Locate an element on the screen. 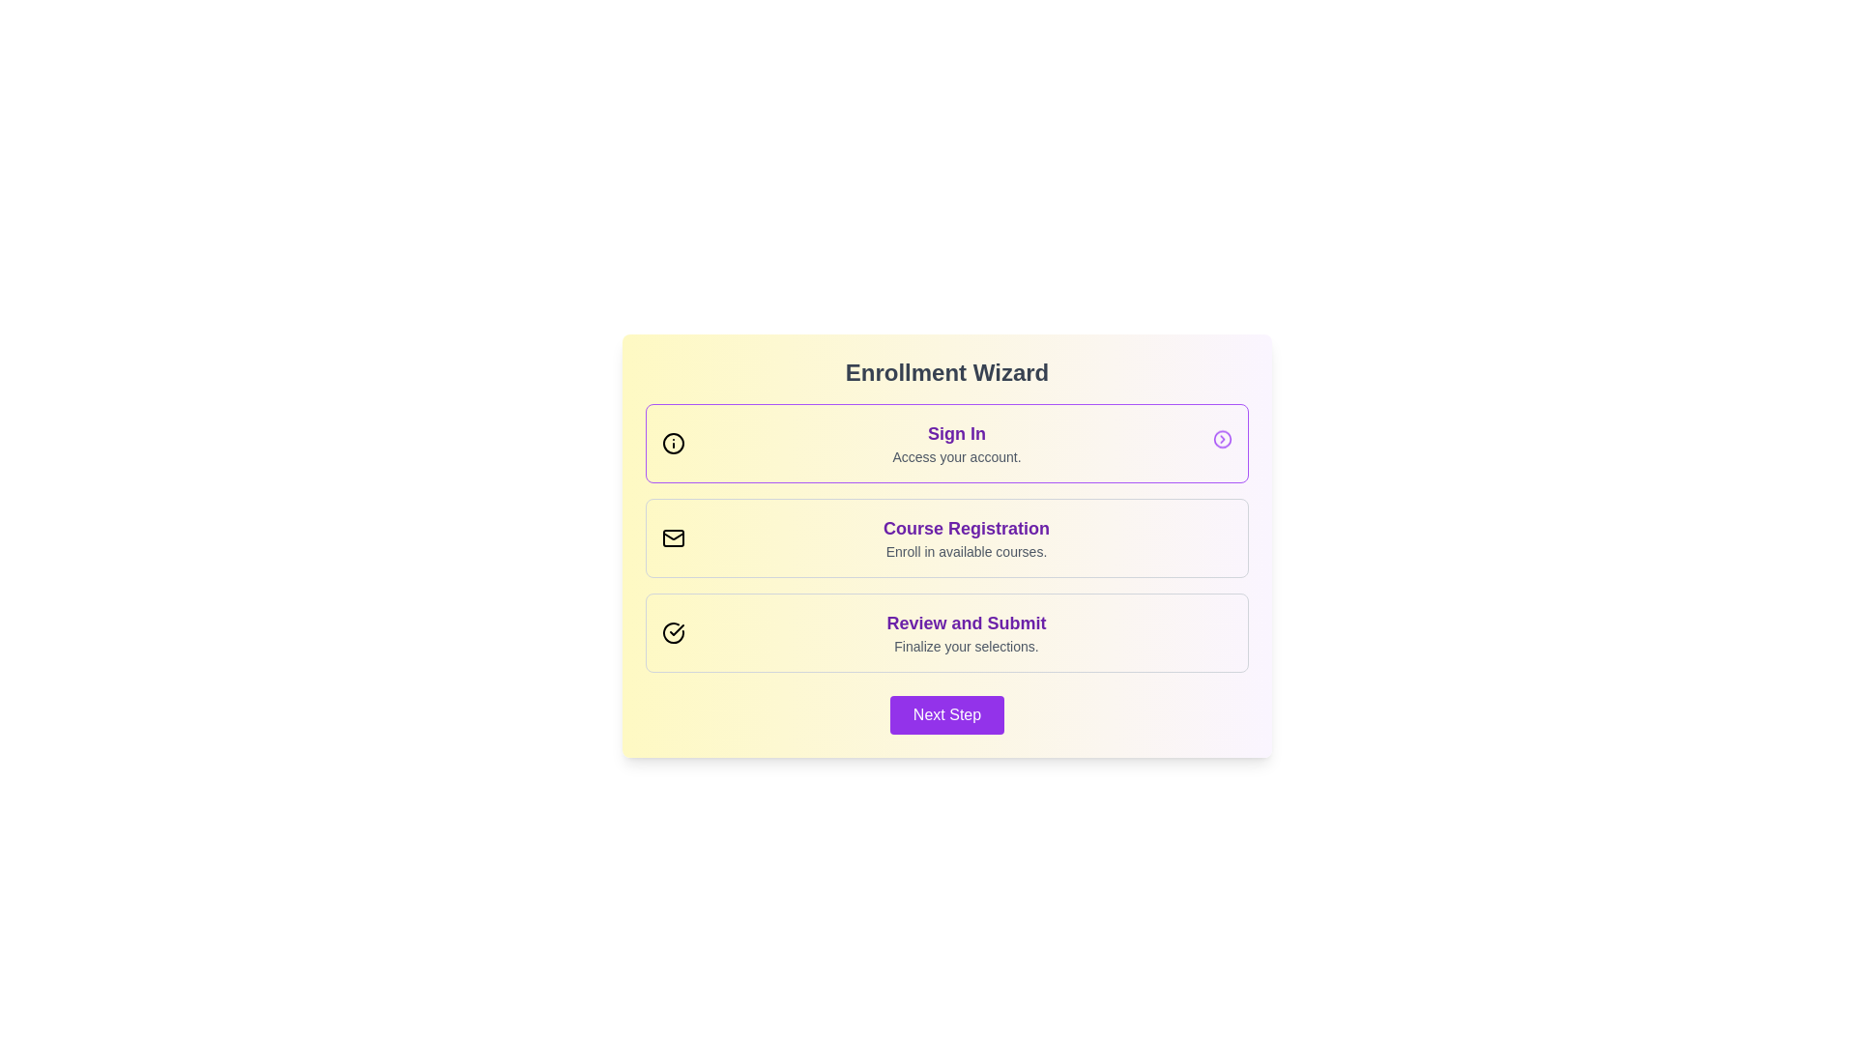 This screenshot has height=1044, width=1856. the checkmark icon in the 'Review and Submit' section of the 'Enrollment Wizard' interface is located at coordinates (677, 629).